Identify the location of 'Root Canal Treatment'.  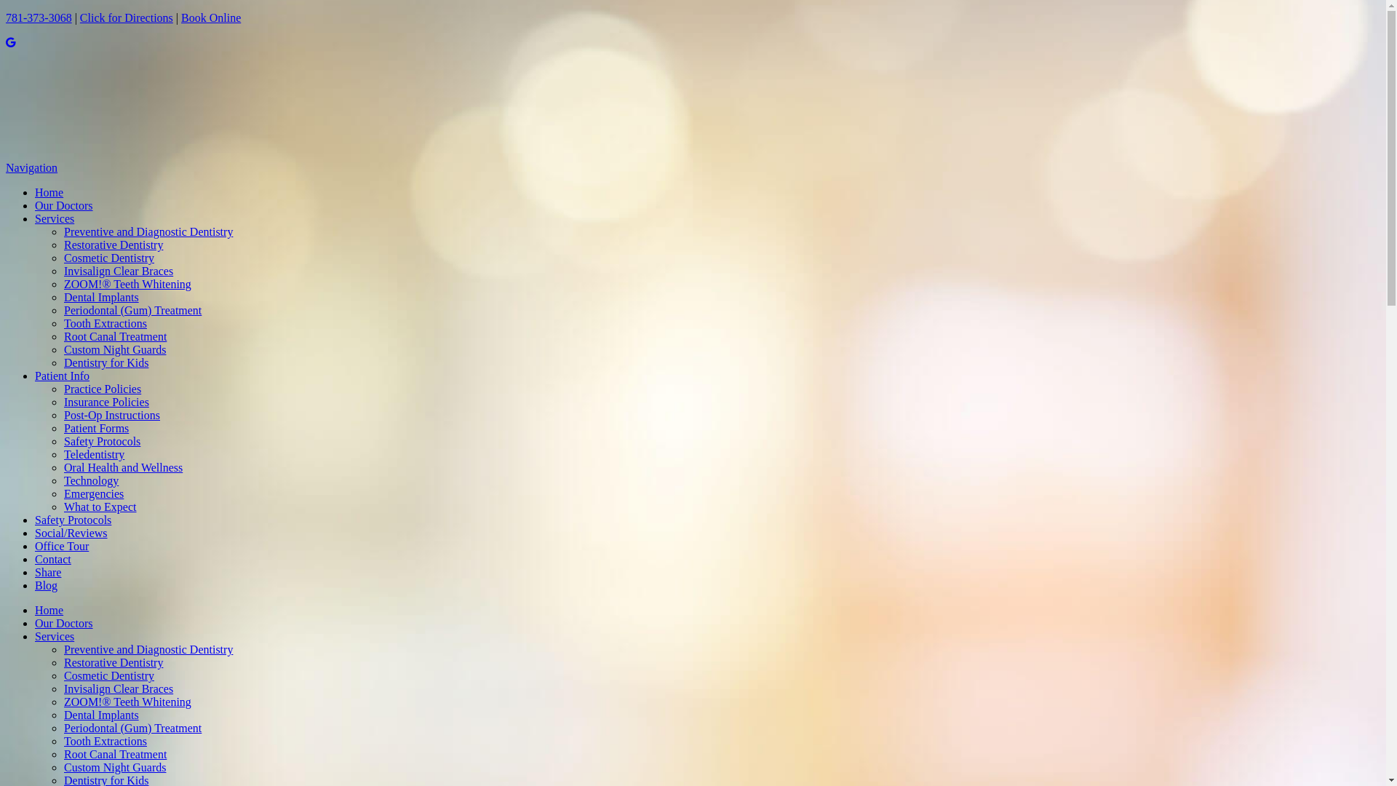
(114, 753).